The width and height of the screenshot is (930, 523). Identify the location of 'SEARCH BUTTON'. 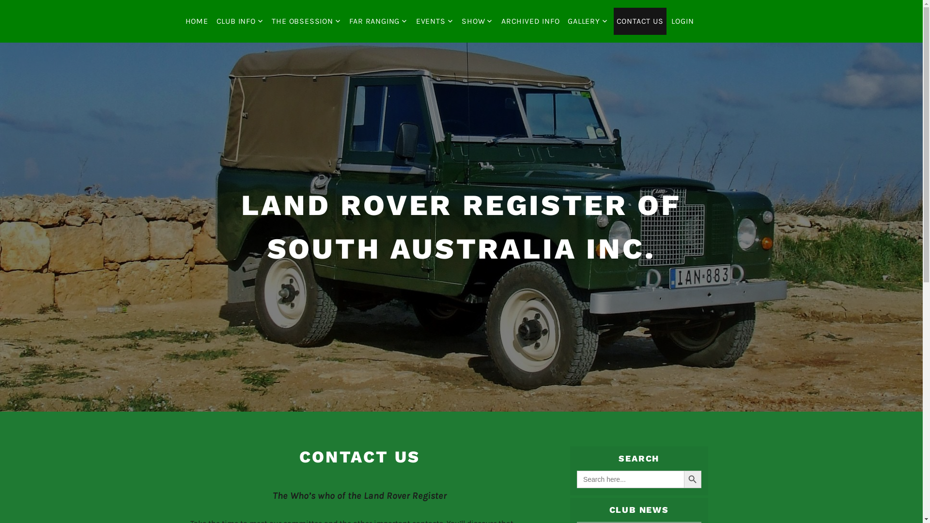
(692, 479).